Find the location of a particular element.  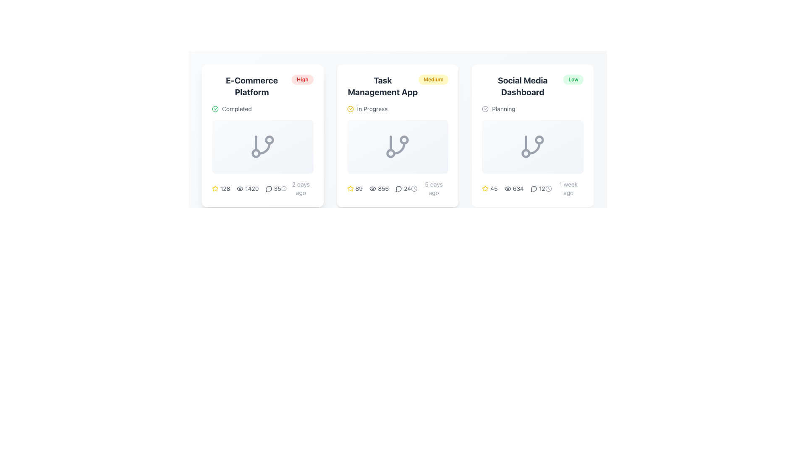

the priority level tag or label located to the right of the 'Task Management App' heading in the upper section of the card layout is located at coordinates (433, 79).